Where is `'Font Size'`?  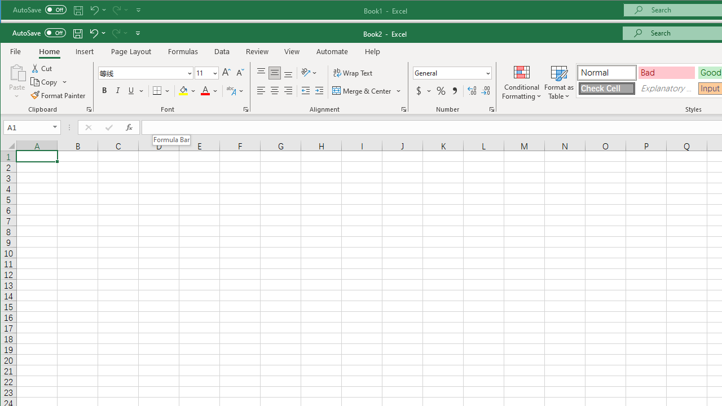
'Font Size' is located at coordinates (202, 73).